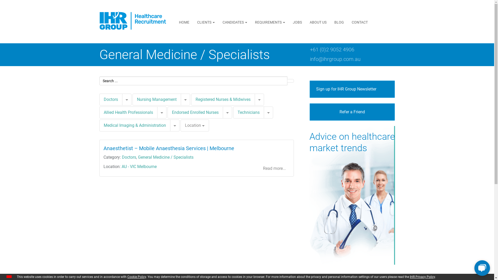  What do you see at coordinates (122, 157) in the screenshot?
I see `'Doctors'` at bounding box center [122, 157].